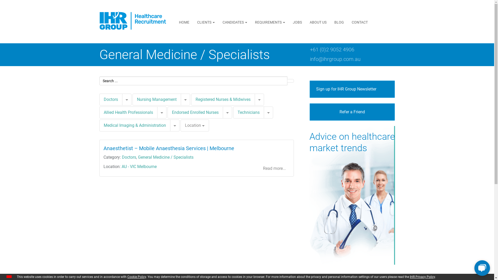  What do you see at coordinates (122, 157) in the screenshot?
I see `'Doctors'` at bounding box center [122, 157].